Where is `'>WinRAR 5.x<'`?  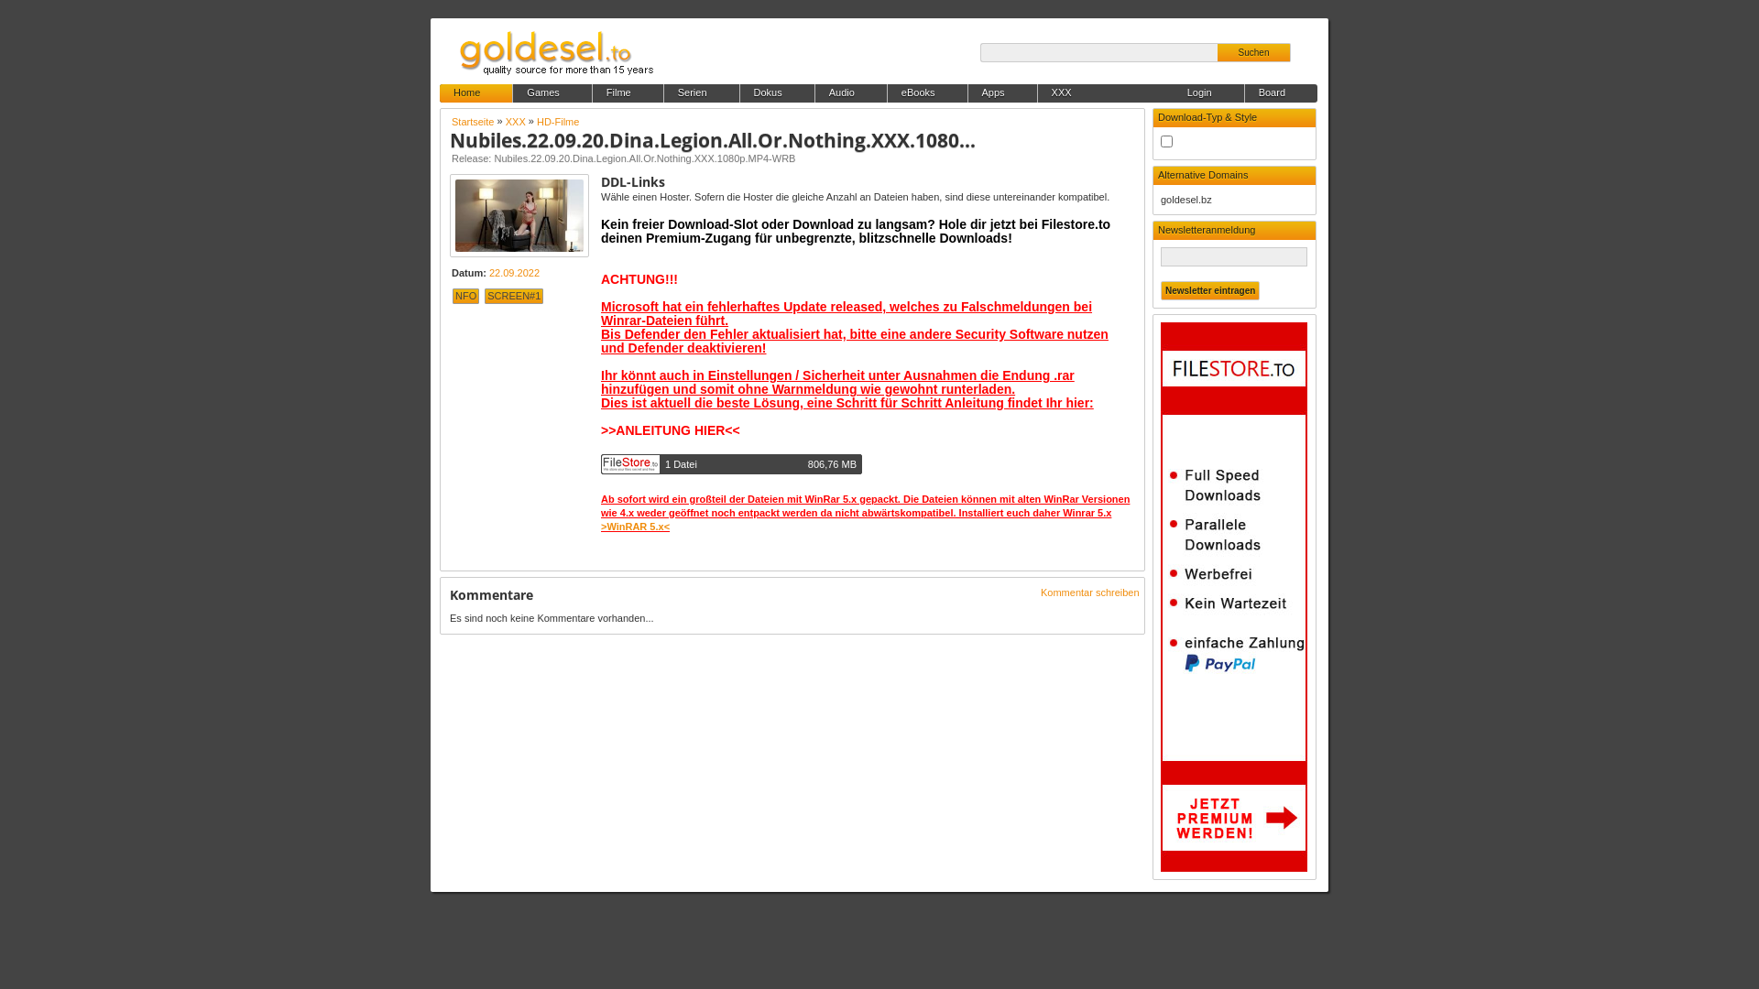
'>WinRAR 5.x<' is located at coordinates (601, 526).